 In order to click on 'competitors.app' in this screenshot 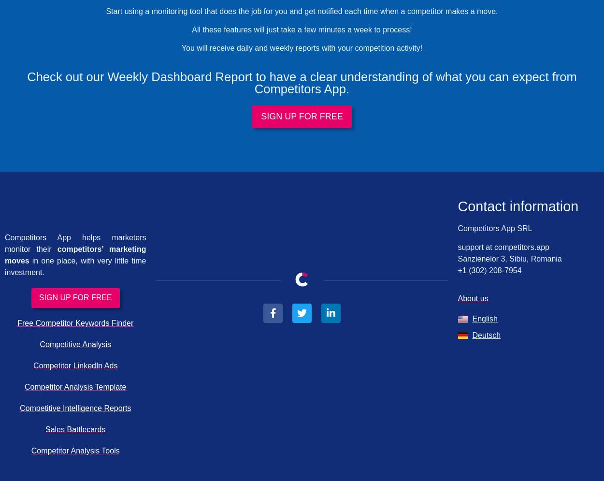, I will do `click(520, 246)`.